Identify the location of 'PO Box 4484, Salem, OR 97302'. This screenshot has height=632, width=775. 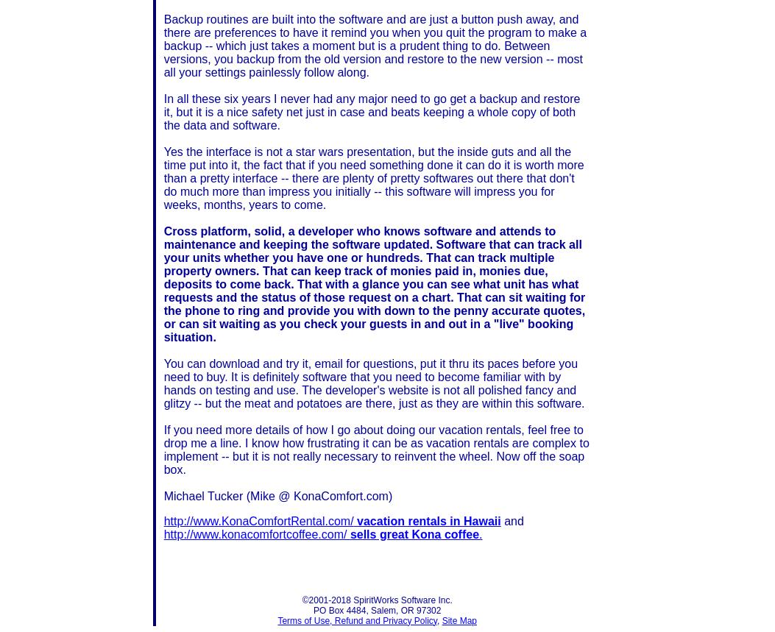
(377, 609).